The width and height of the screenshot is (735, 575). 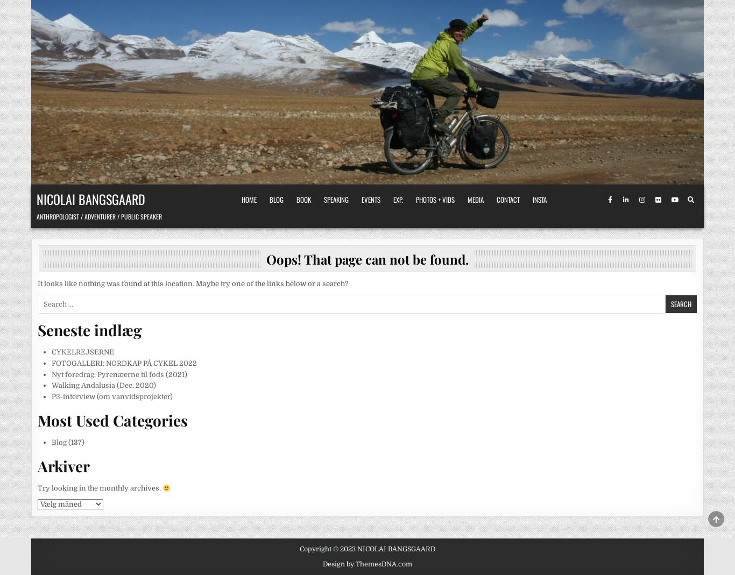 I want to click on 'Speaking', so click(x=335, y=200).